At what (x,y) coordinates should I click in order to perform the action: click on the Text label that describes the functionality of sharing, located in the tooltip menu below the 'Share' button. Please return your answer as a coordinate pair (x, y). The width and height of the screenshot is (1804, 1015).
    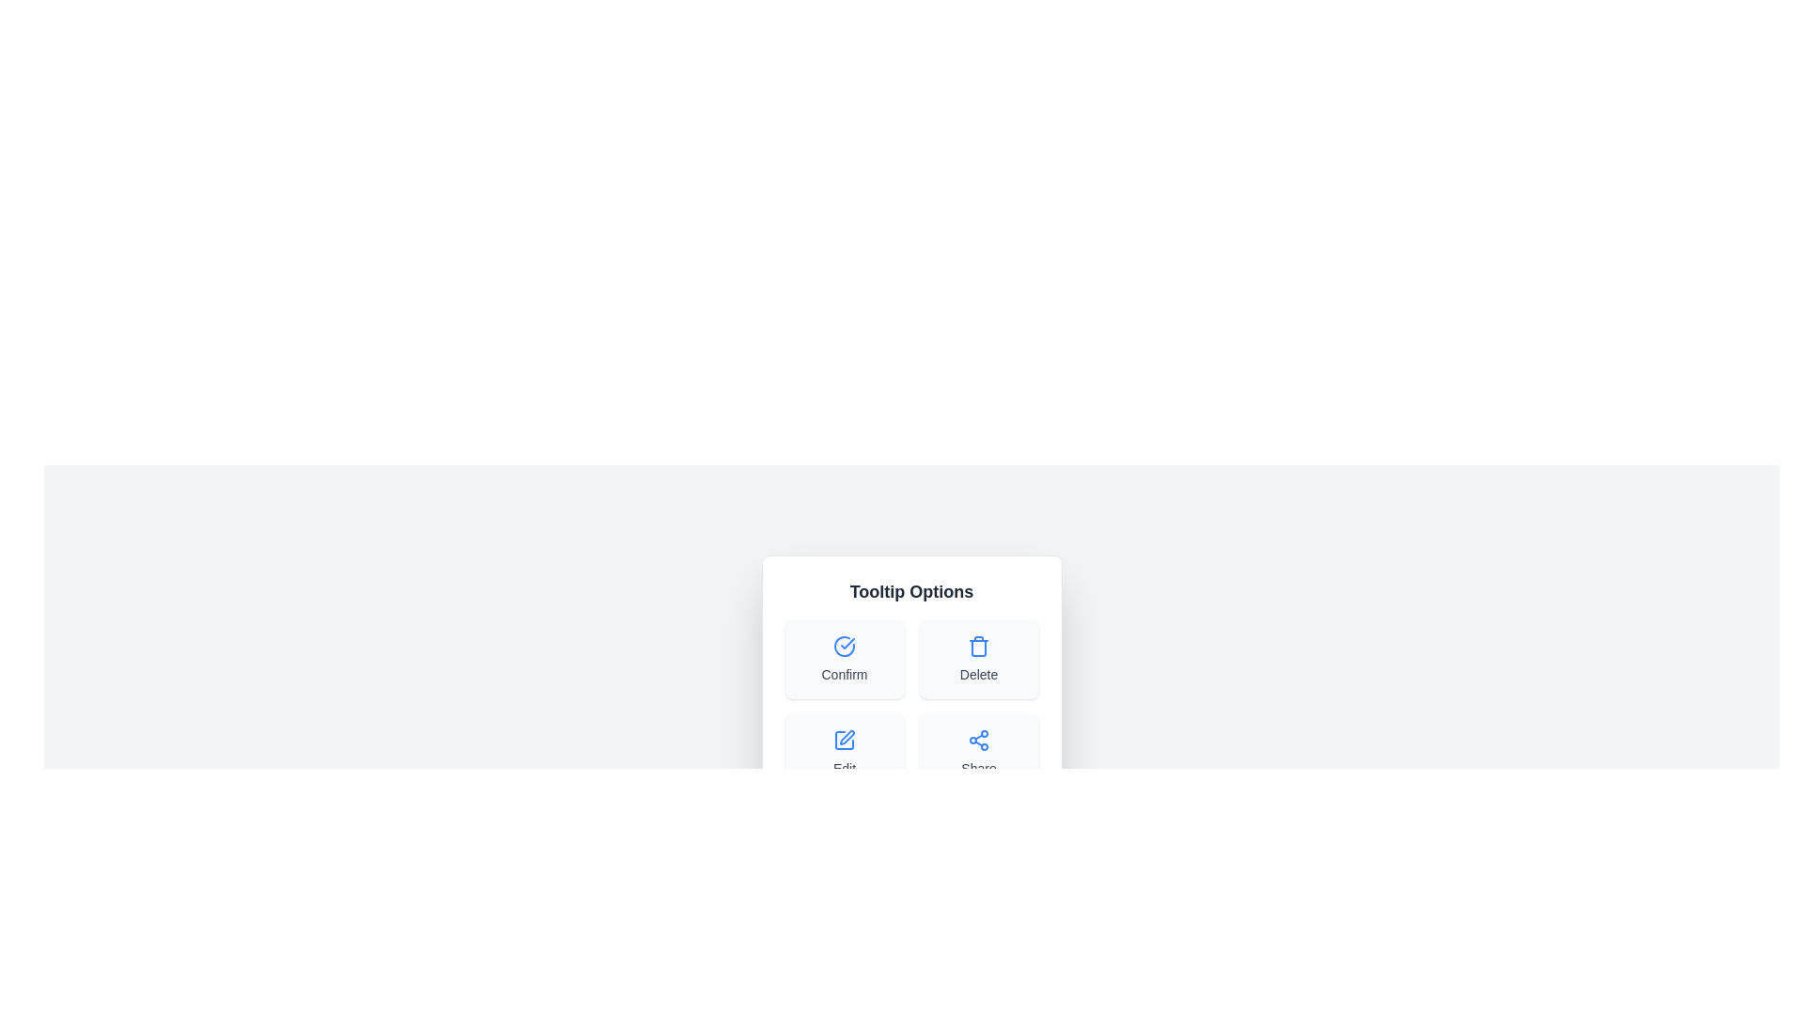
    Looking at the image, I should click on (977, 768).